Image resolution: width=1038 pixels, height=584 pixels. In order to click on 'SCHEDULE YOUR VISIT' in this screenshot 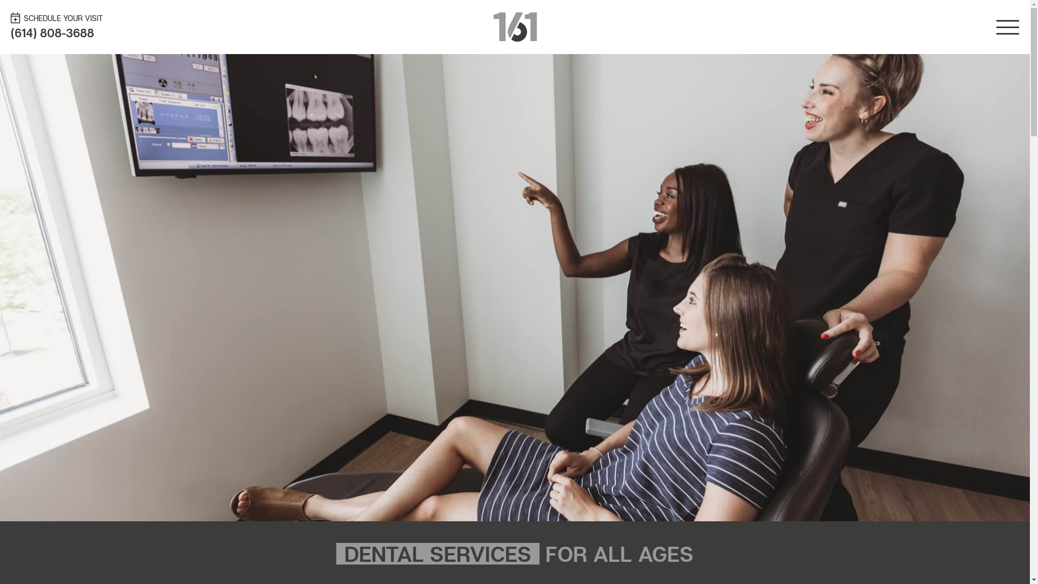, I will do `click(161, 17)`.